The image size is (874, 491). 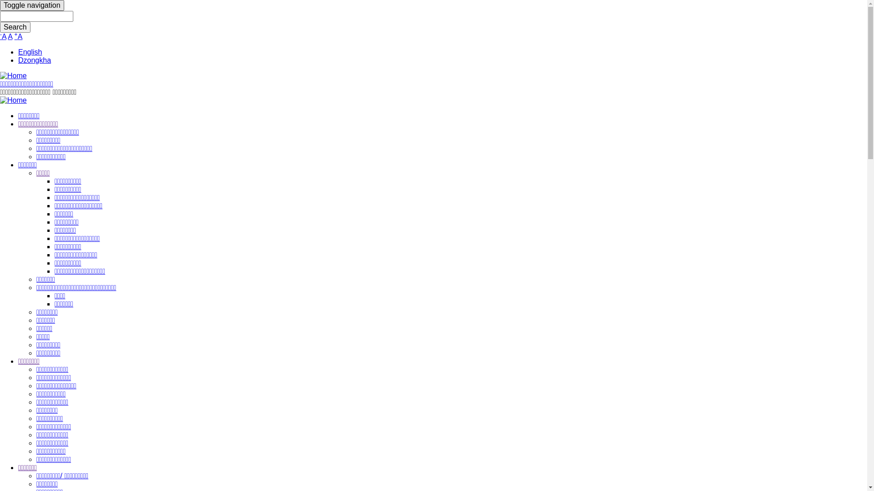 What do you see at coordinates (8, 36) in the screenshot?
I see `'A'` at bounding box center [8, 36].